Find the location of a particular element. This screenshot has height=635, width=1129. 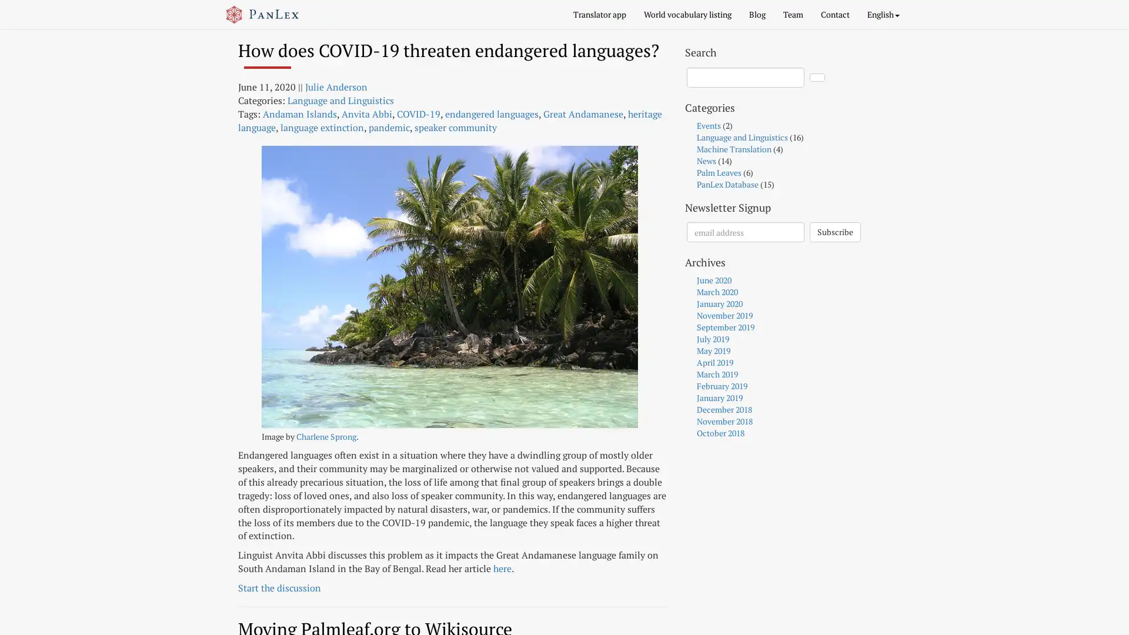

Search is located at coordinates (817, 77).